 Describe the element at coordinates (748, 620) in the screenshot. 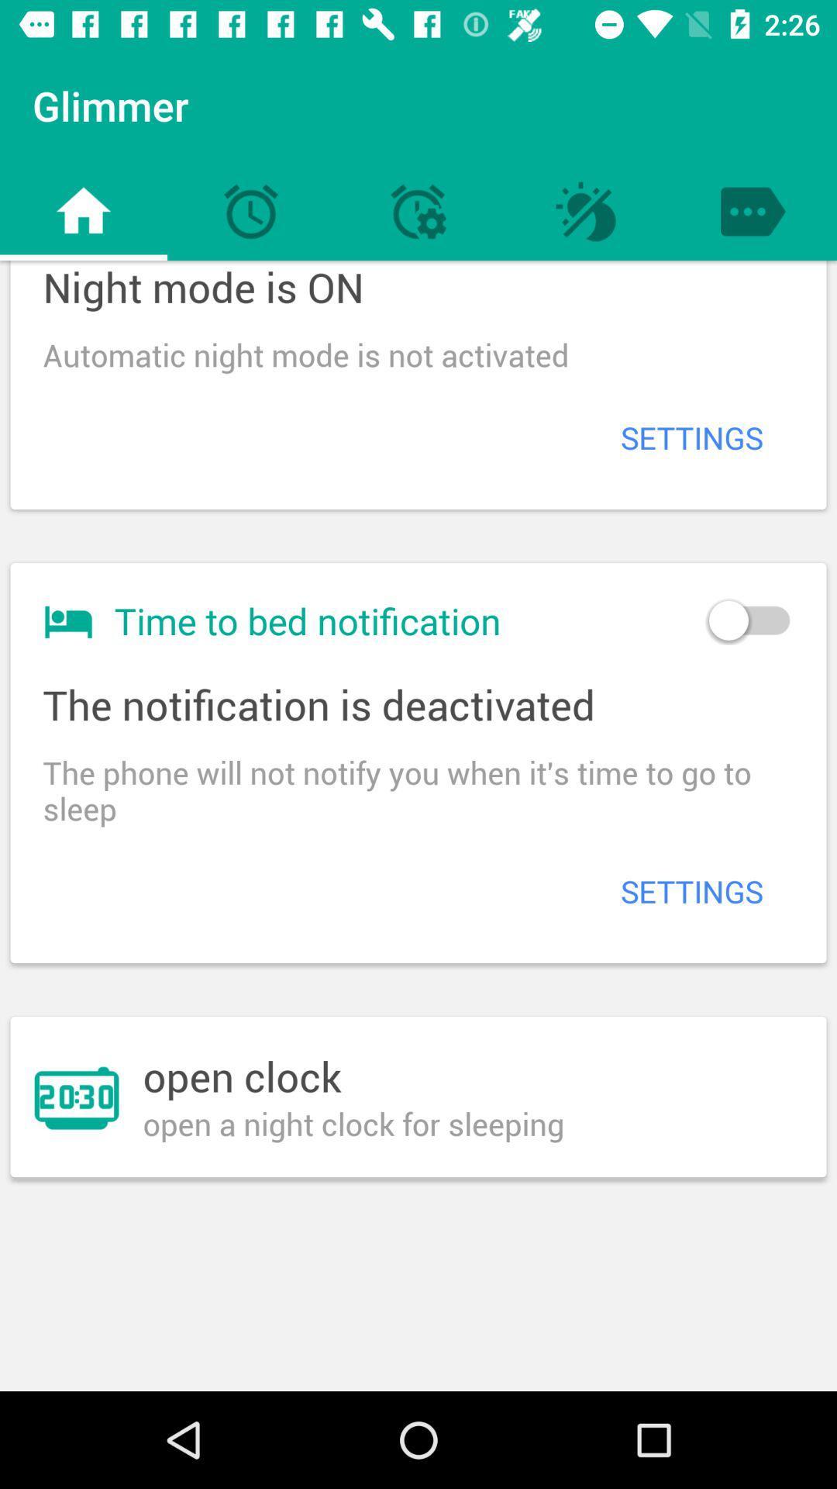

I see `the icon above the the notification is` at that location.